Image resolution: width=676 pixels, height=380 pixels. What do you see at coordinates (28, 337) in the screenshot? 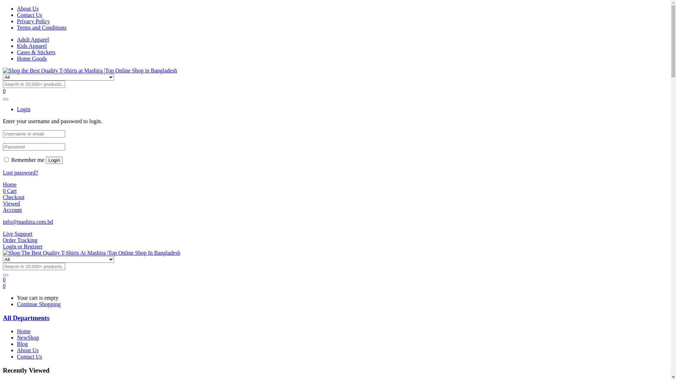
I see `'NewShop'` at bounding box center [28, 337].